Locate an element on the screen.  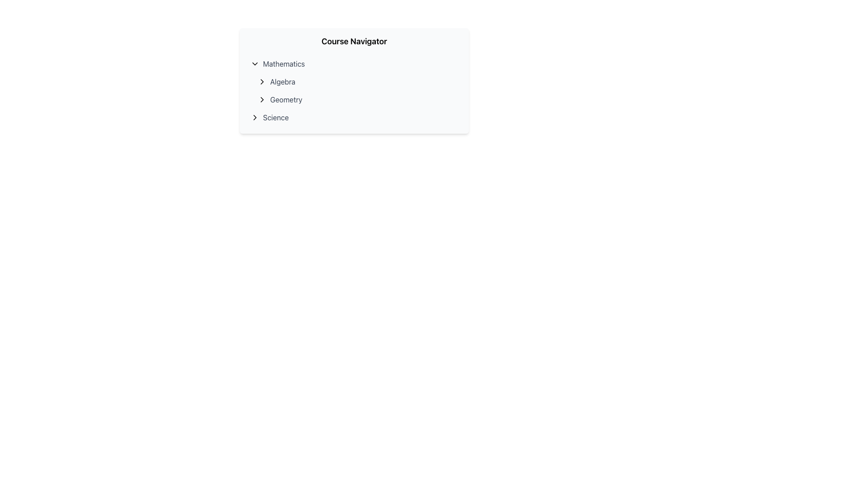
the rightward-pointing chevron icon located immediately left of the 'Science' text label in the 'Course Navigator' section is located at coordinates (255, 117).